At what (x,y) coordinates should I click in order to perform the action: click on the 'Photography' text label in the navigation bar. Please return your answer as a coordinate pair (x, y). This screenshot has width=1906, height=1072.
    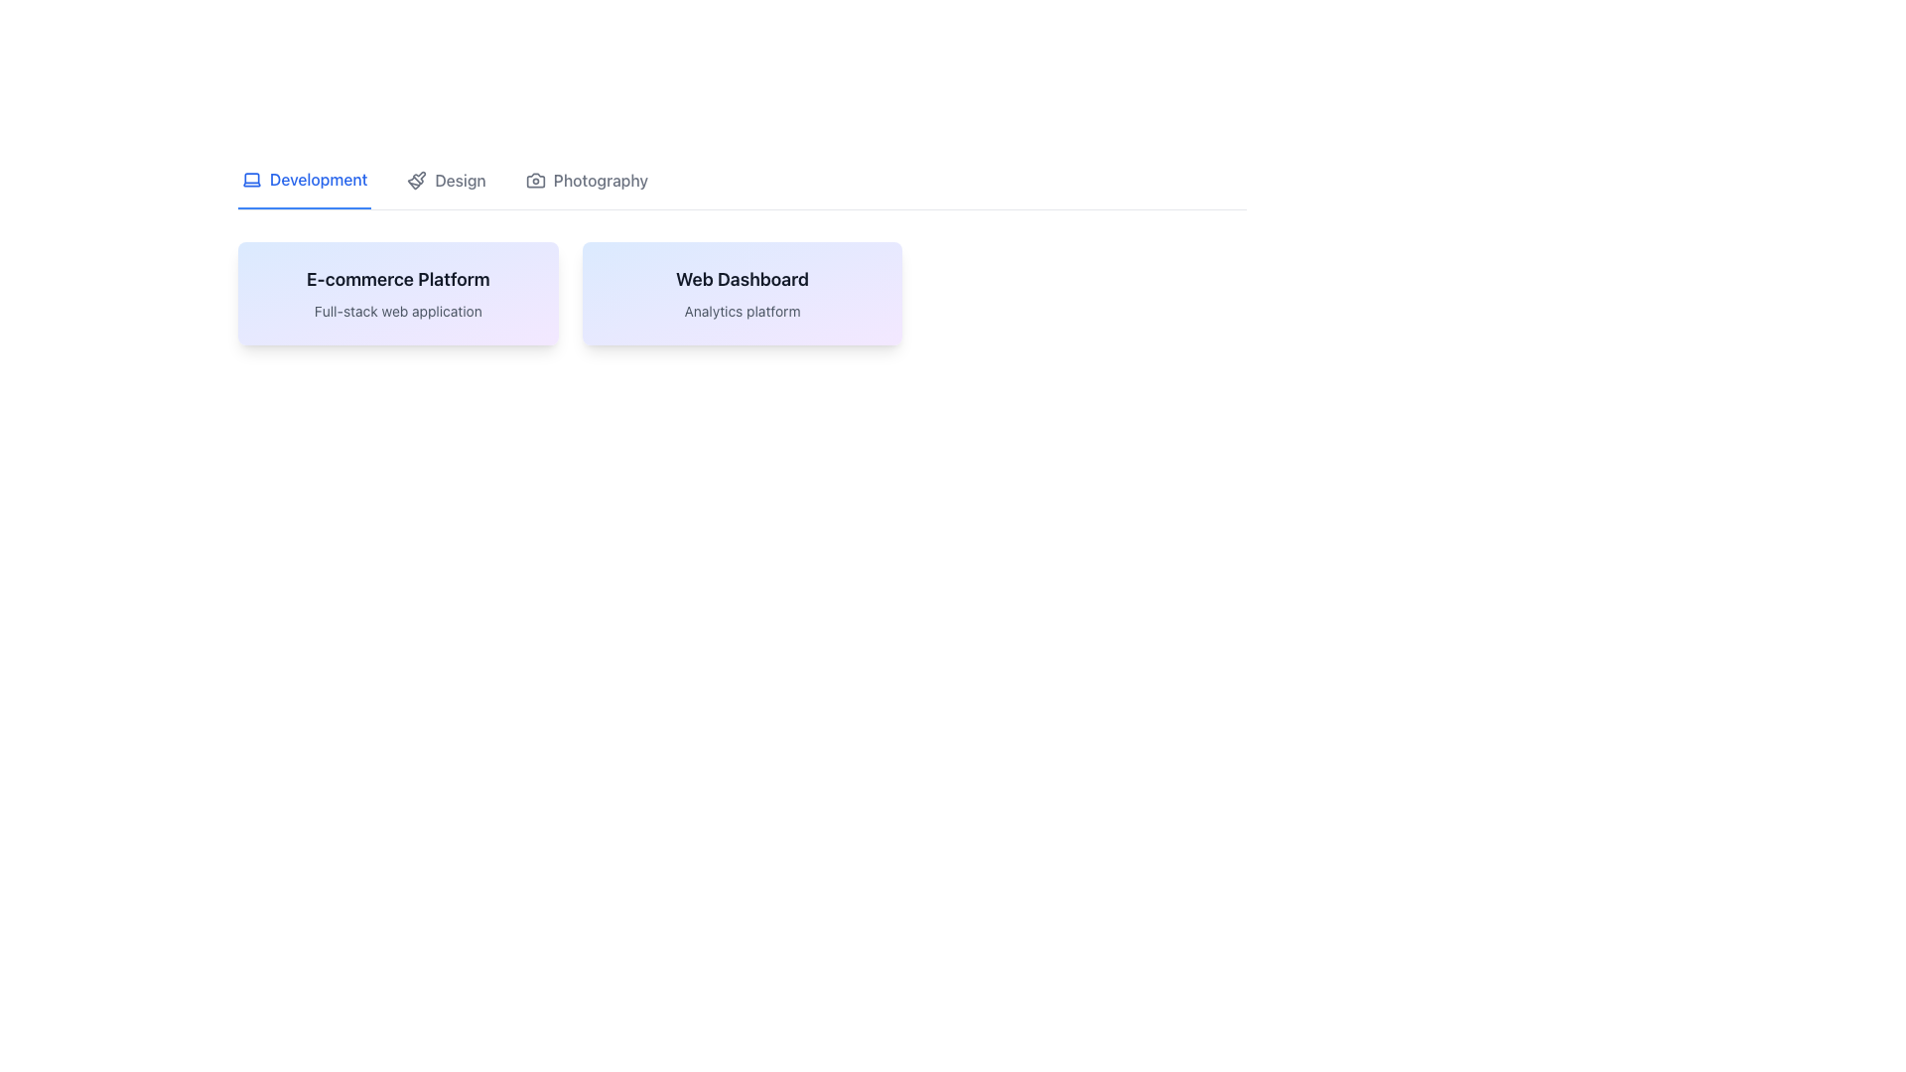
    Looking at the image, I should click on (600, 180).